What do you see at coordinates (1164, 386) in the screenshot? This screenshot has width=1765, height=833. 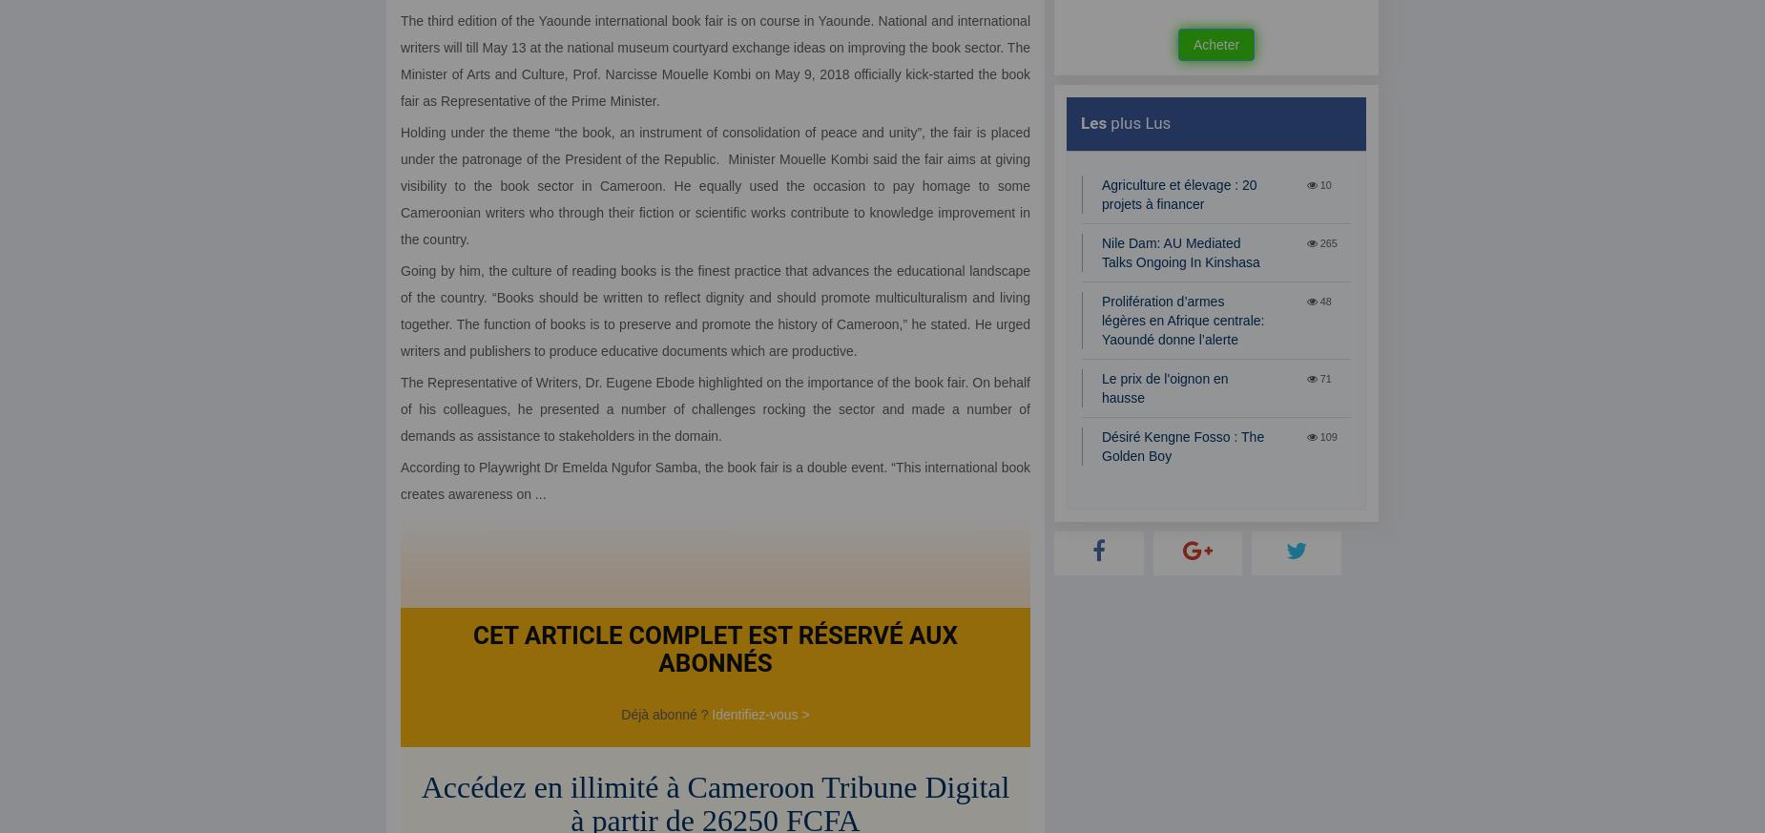 I see `'Le prix de l'oignon en hausse'` at bounding box center [1164, 386].